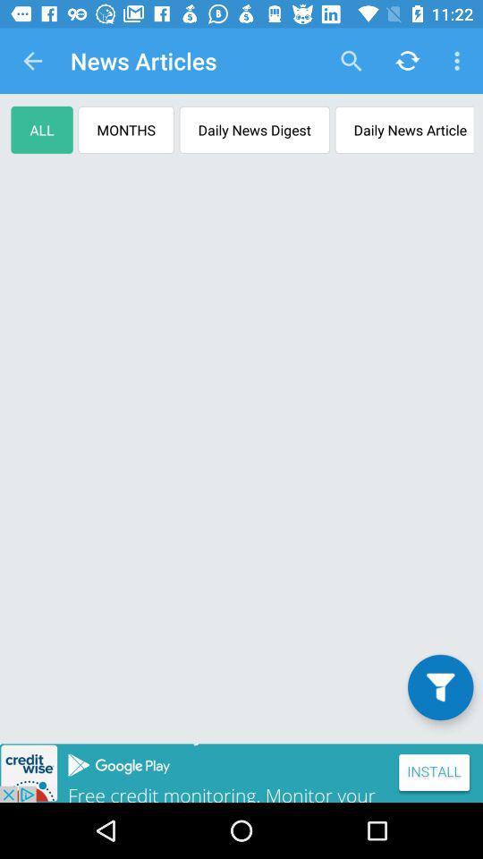 The image size is (483, 859). I want to click on the advertisement, so click(241, 772).